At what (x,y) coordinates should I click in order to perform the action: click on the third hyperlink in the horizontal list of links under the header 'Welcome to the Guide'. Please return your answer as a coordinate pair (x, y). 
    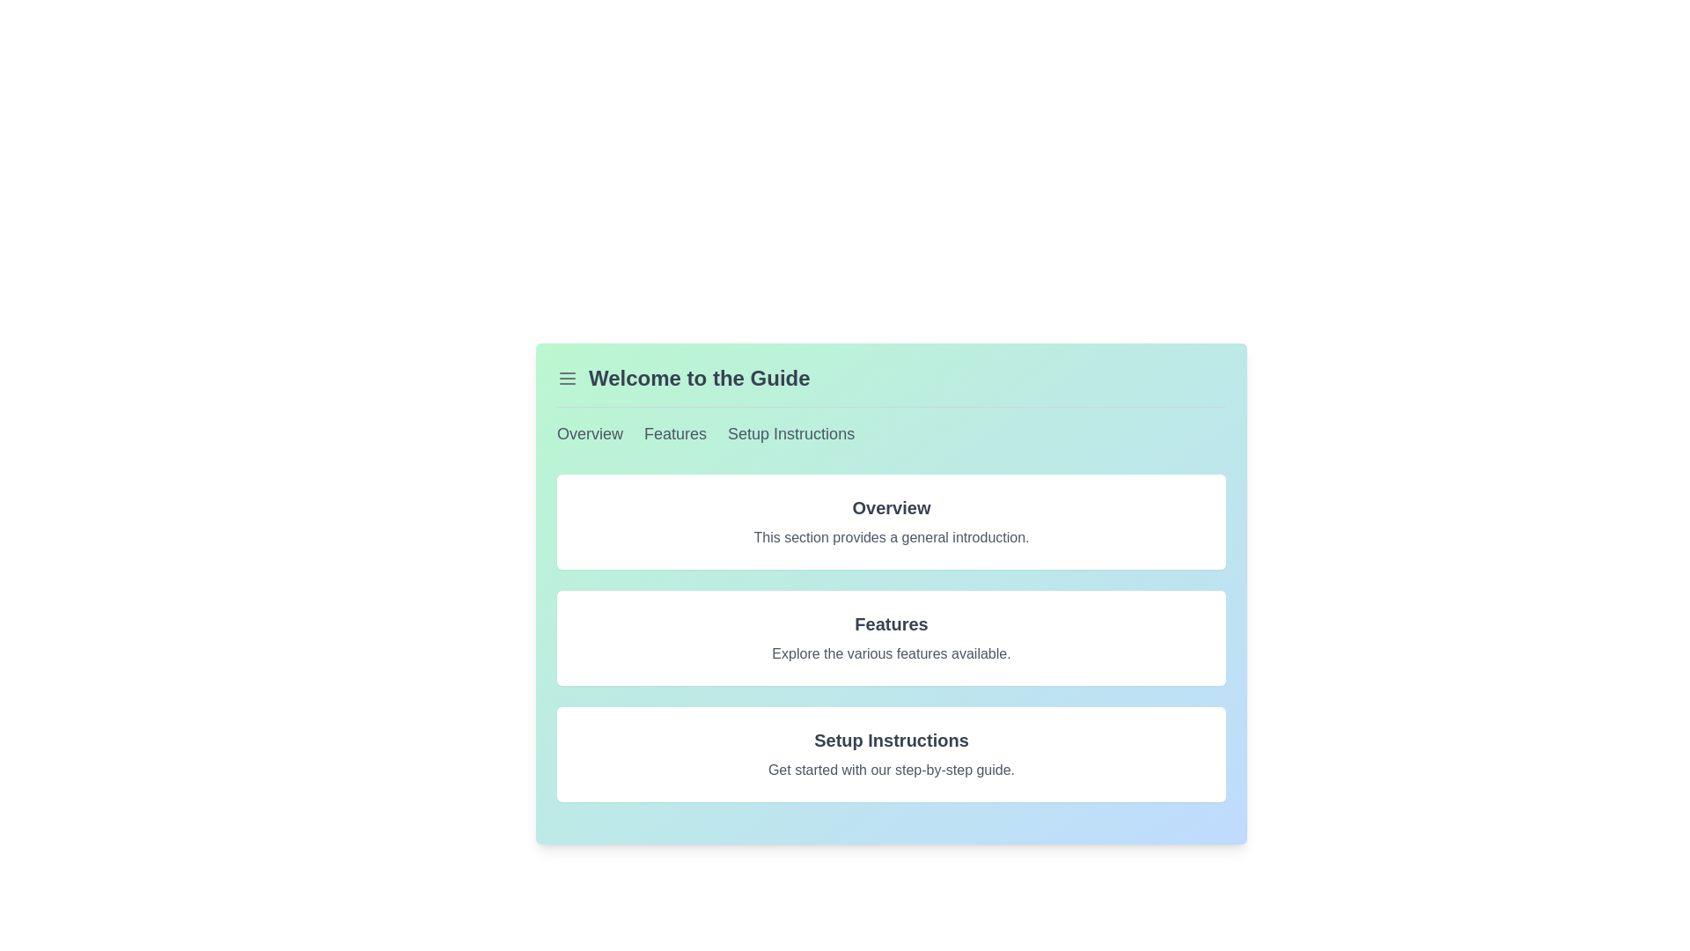
    Looking at the image, I should click on (790, 434).